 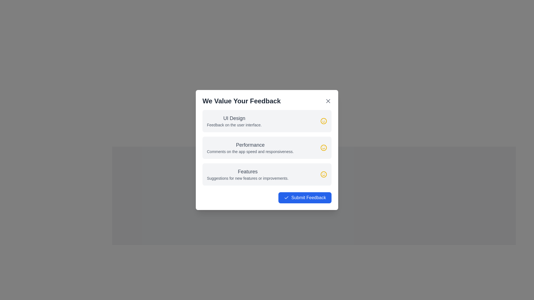 I want to click on the 'Features' static text label, which is styled with a distinct font size and medium weight, in the lower-middle portion of the feedback modal dialog box, so click(x=247, y=171).